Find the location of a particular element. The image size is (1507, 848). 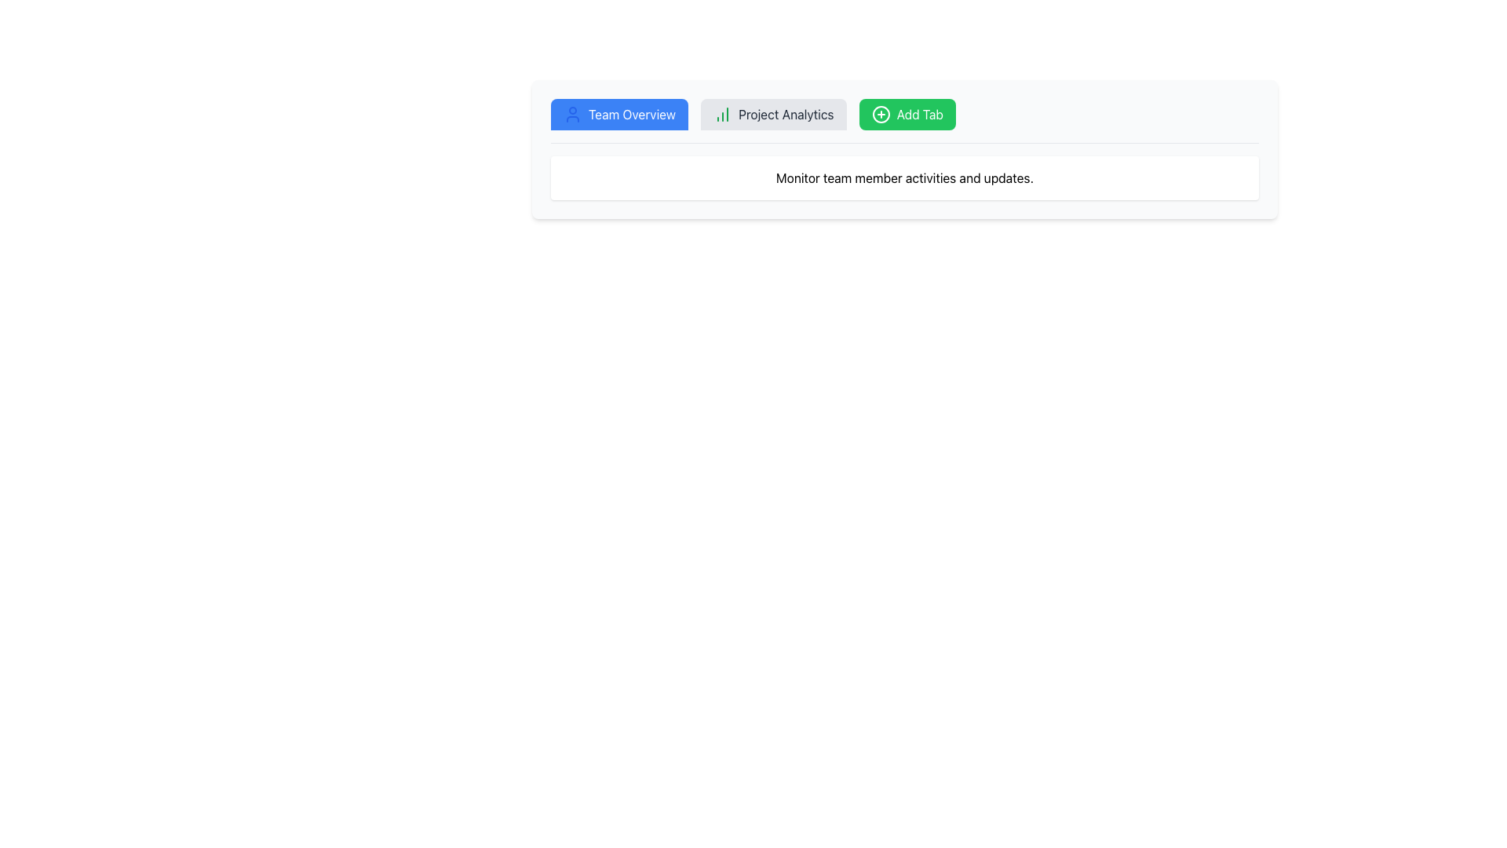

the 'Project Analytics' text label is located at coordinates (786, 114).